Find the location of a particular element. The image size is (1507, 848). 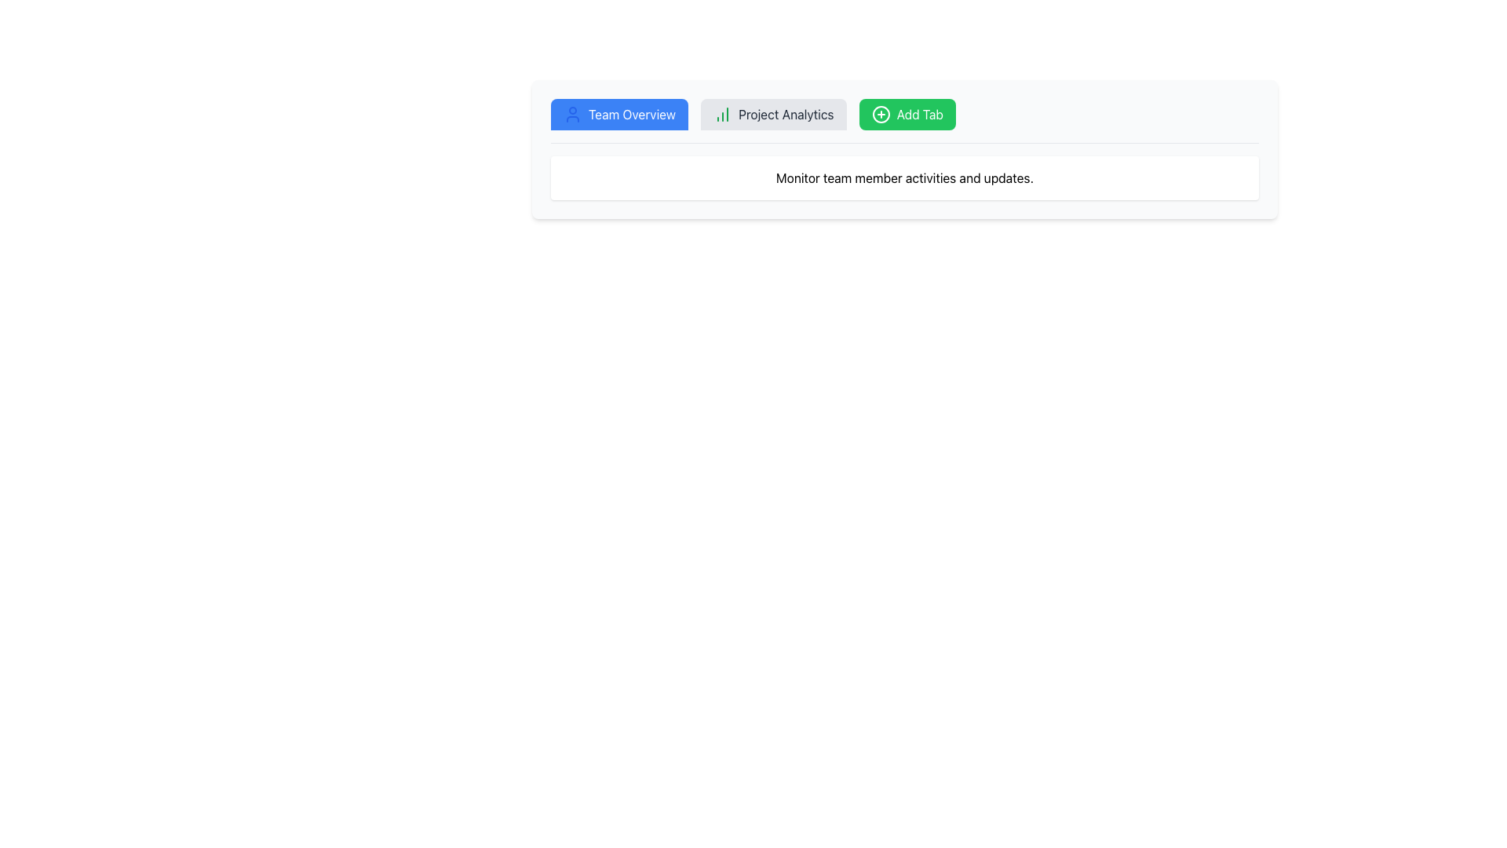

the 'Project Analytics' text label is located at coordinates (786, 114).